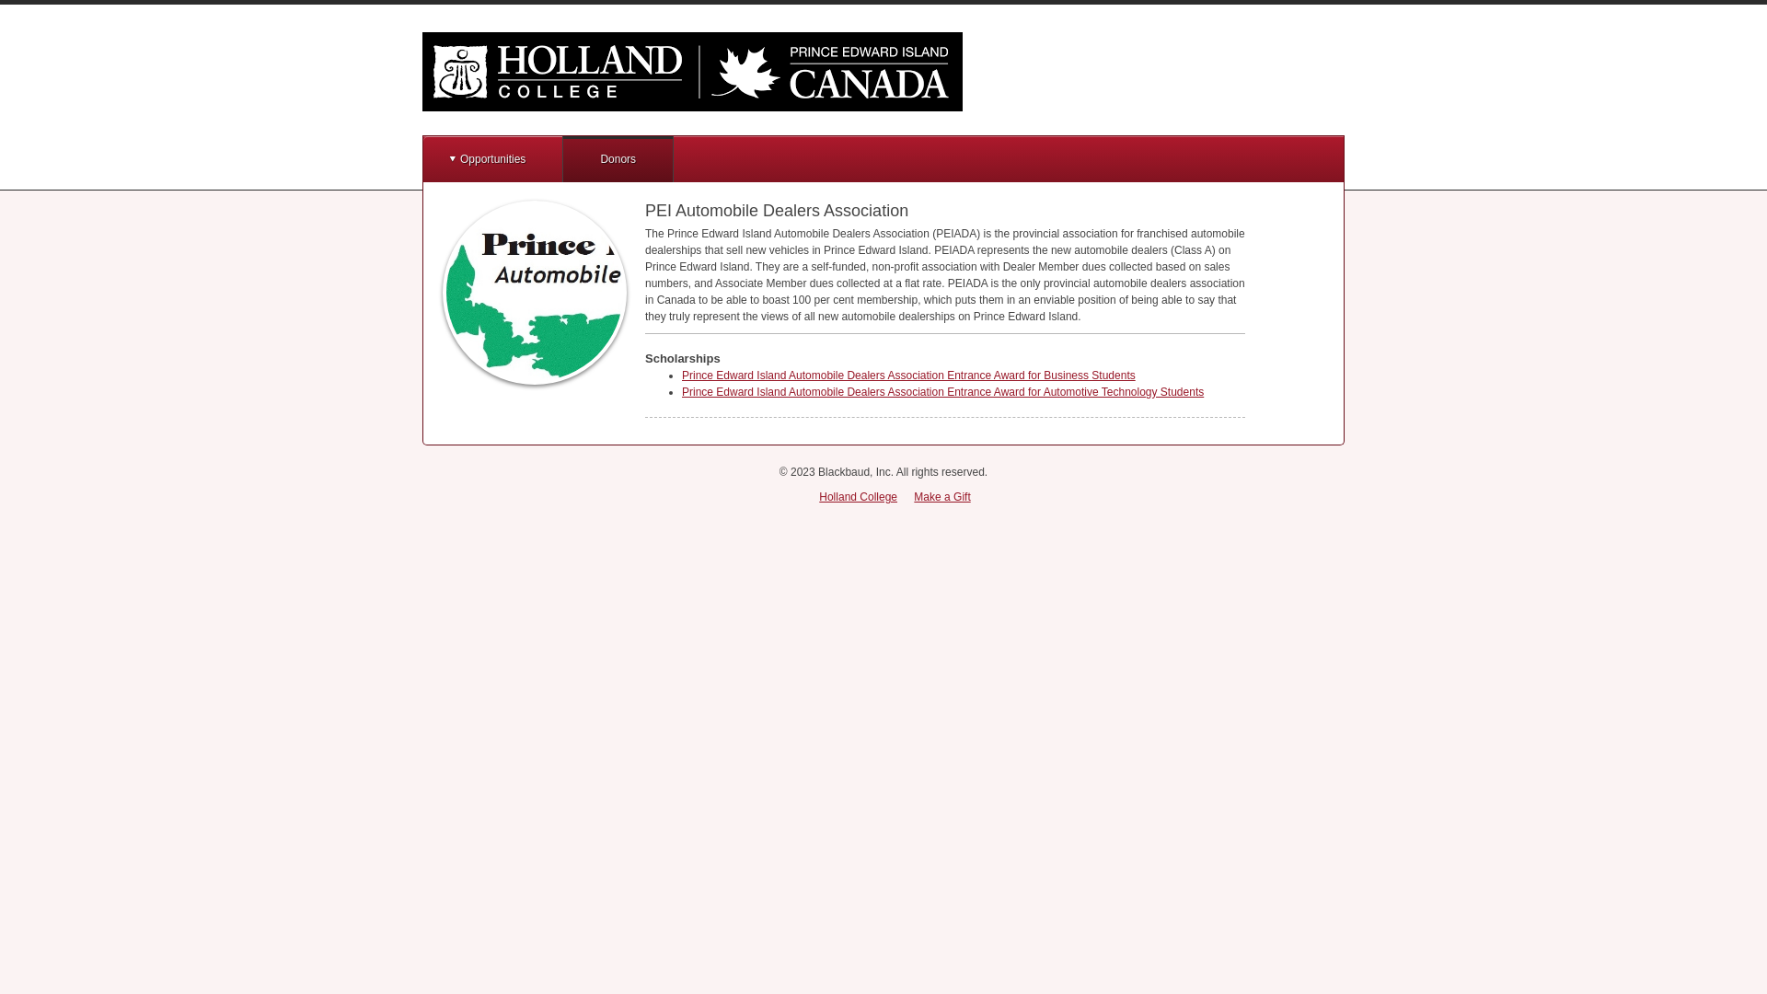 The image size is (1767, 994). Describe the element at coordinates (941, 497) in the screenshot. I see `'Make a Gift'` at that location.